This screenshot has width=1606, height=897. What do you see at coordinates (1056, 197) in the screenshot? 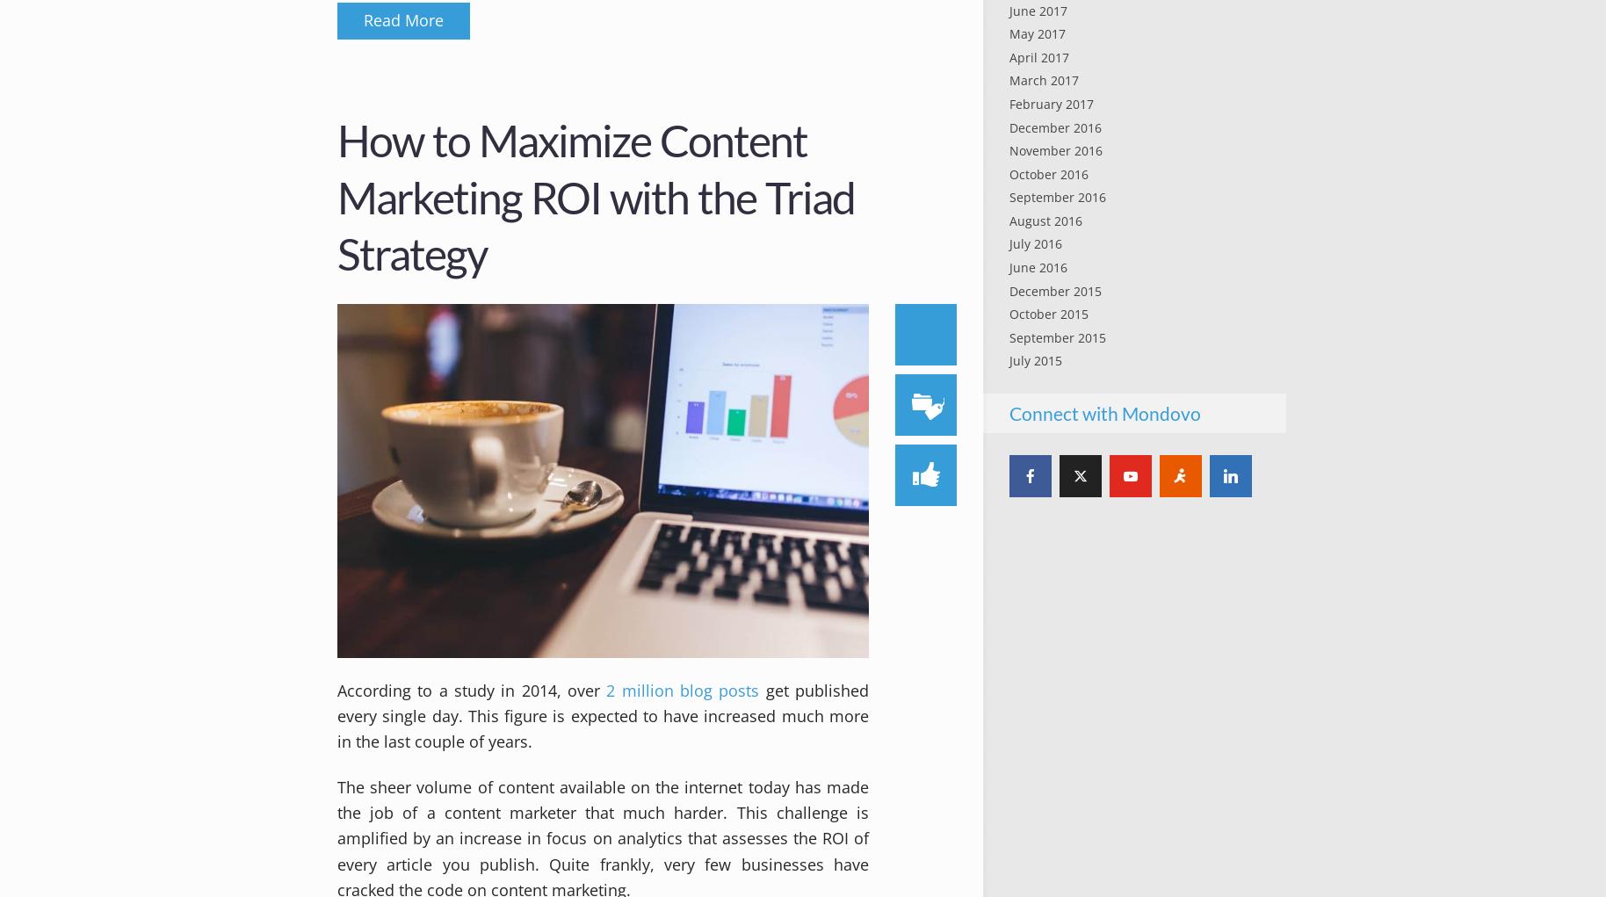
I see `'September 2016'` at bounding box center [1056, 197].